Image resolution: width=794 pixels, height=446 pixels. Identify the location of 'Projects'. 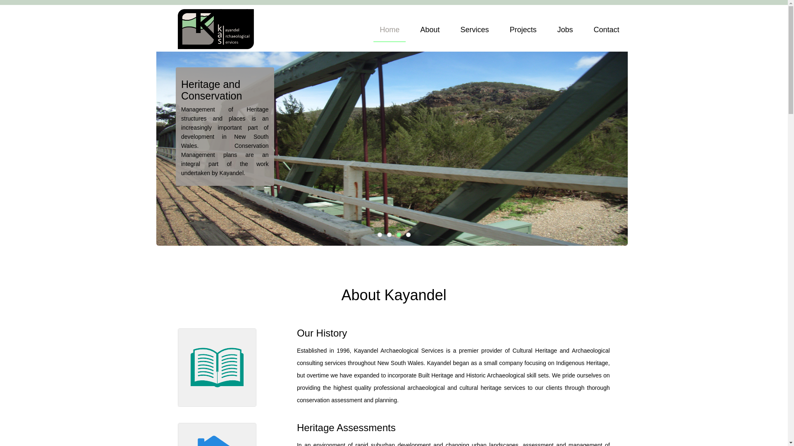
(522, 31).